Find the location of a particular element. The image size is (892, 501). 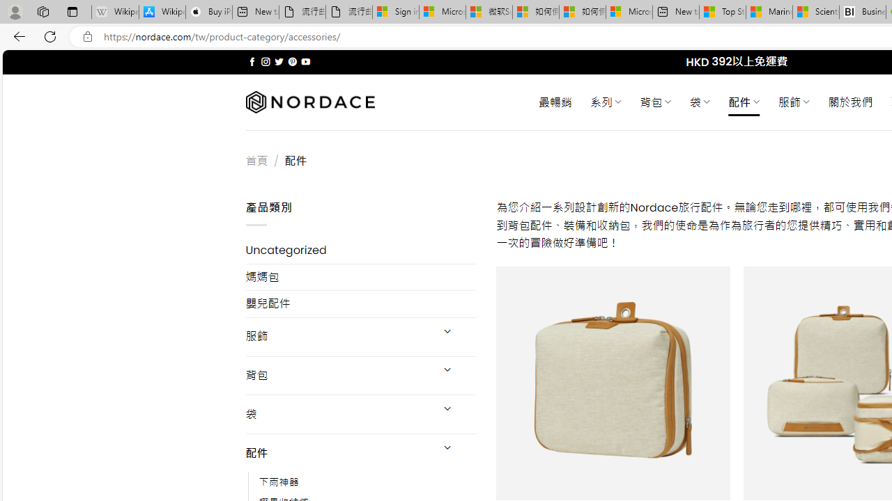

'Follow on Pinterest' is located at coordinates (291, 61).